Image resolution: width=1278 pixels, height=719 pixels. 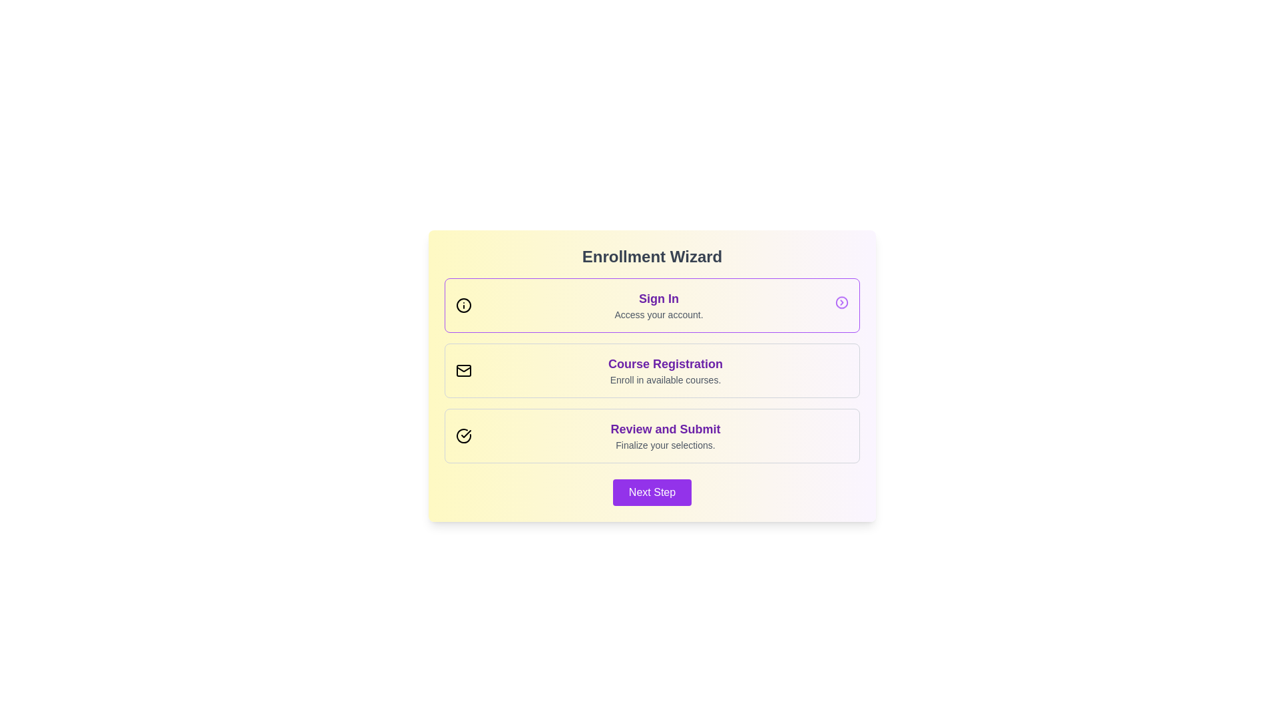 What do you see at coordinates (652, 370) in the screenshot?
I see `the Informational display unit that has a light yellow to white gradient background, rounded corners, and contains two lines of text with a purple top text and a gray bottom text, positioned between 'Sign In' and 'Review and Submit' in the 'Enrollment Wizard'` at bounding box center [652, 370].